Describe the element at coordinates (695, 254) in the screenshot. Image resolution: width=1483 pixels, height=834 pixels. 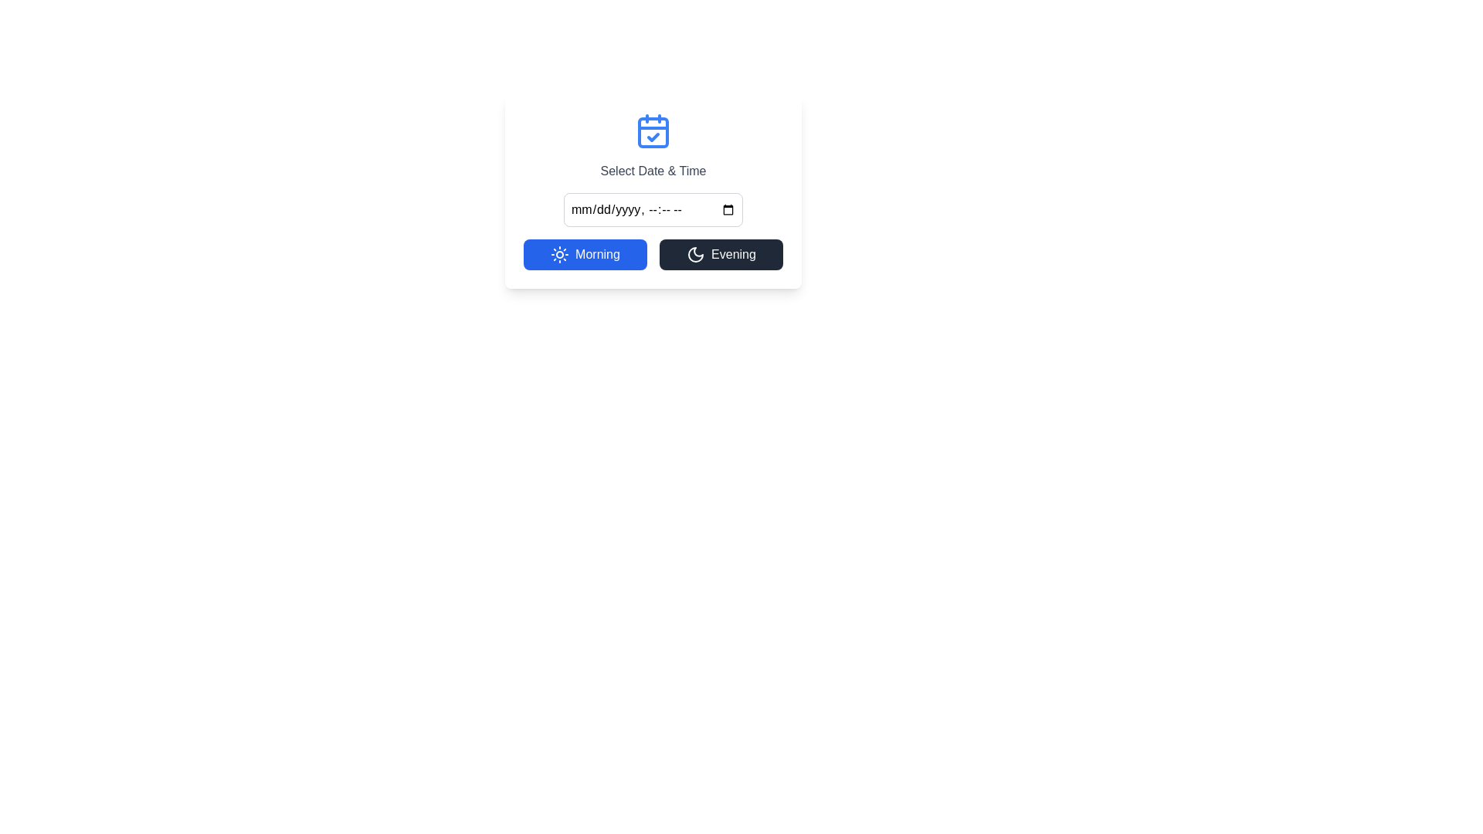
I see `the crescent moon icon within the 'Evening' button` at that location.